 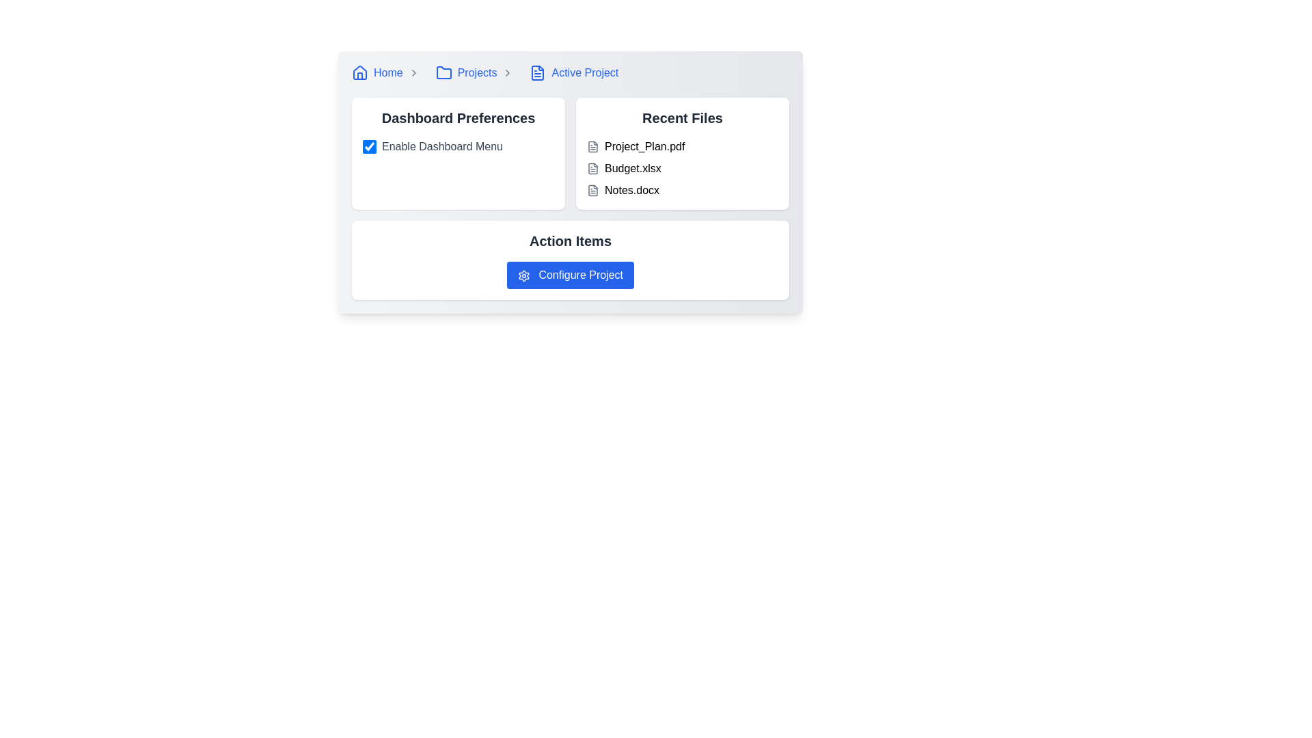 I want to click on the small blue file-like icon located before the 'Active Project' text in the breadcrumb navigation bar, so click(x=537, y=73).